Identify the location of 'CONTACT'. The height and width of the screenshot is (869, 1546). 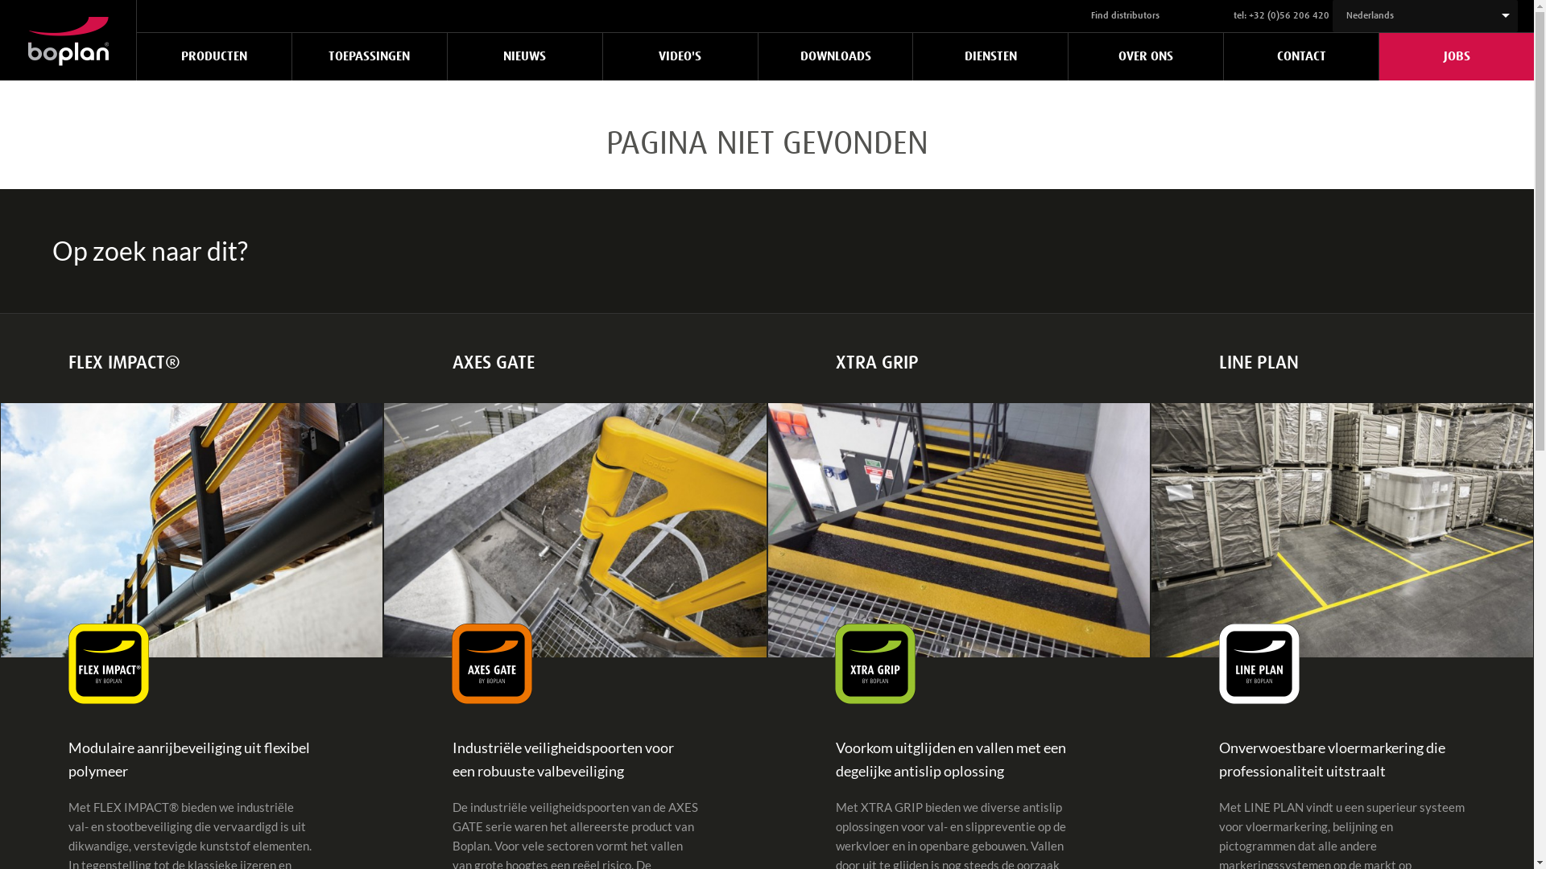
(1301, 56).